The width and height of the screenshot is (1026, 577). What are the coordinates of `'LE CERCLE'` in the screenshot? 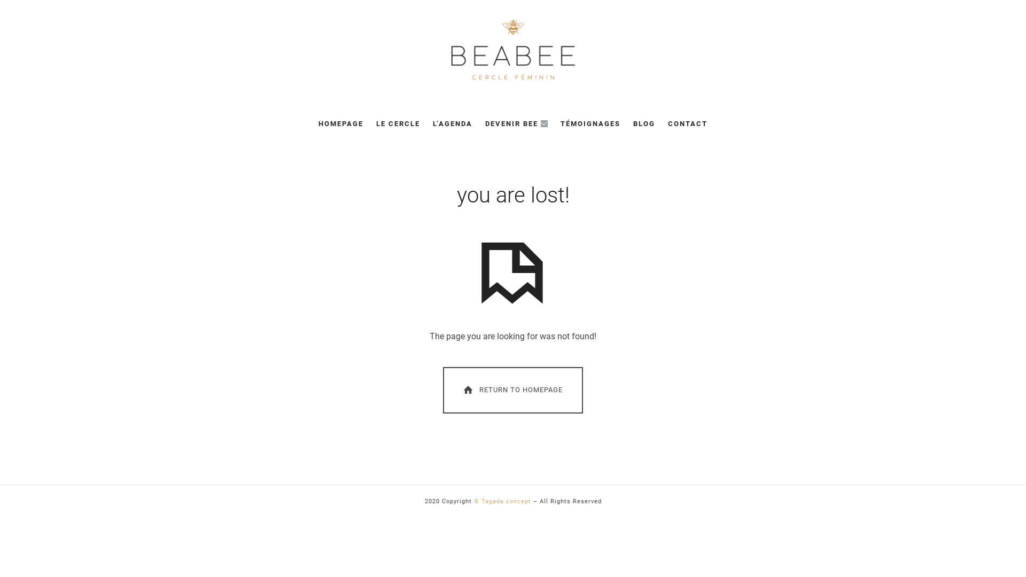 It's located at (397, 123).